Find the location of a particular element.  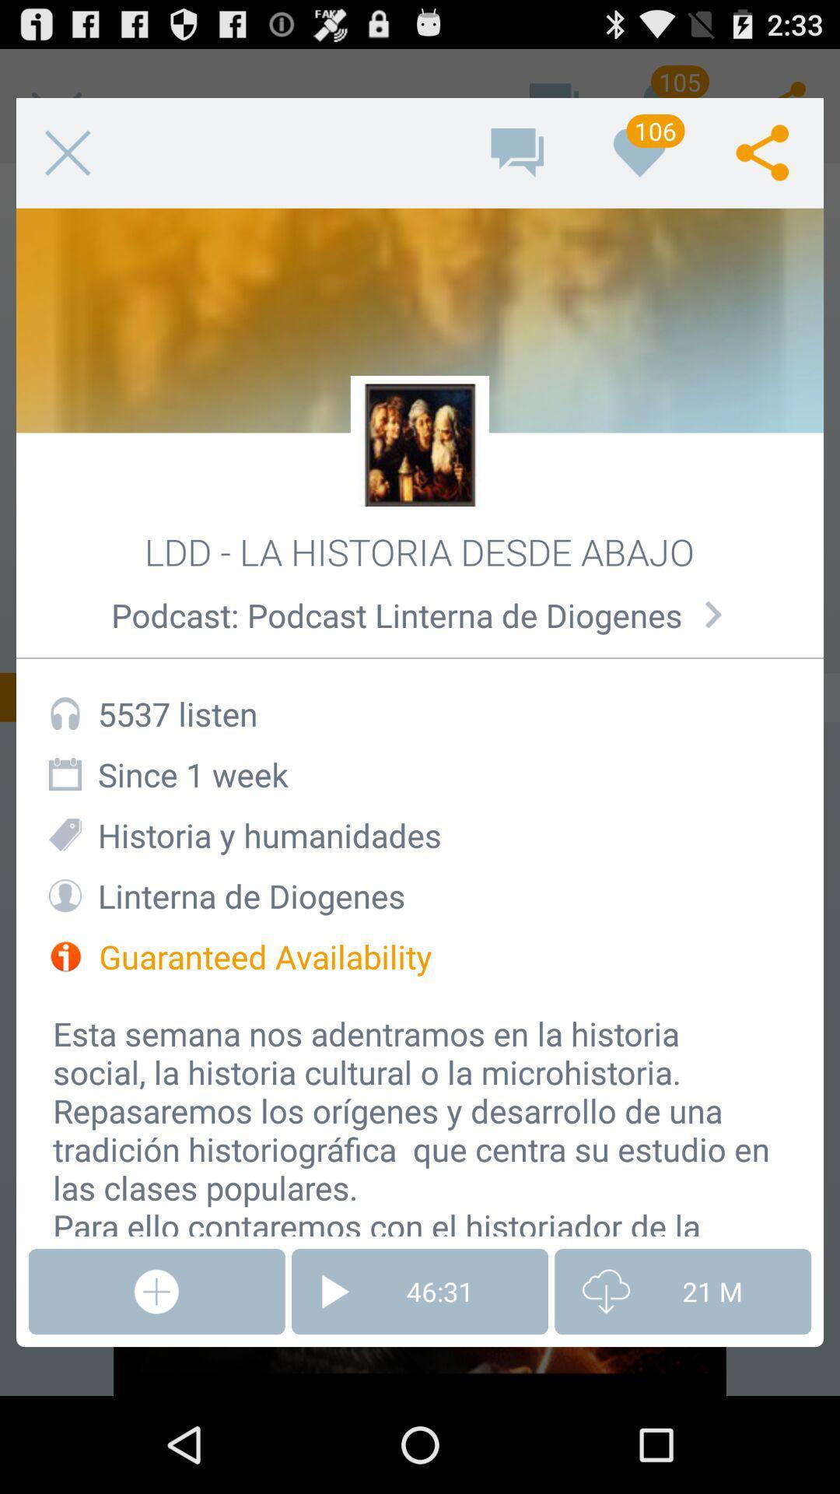

item below the esta semana nos is located at coordinates (682, 1292).